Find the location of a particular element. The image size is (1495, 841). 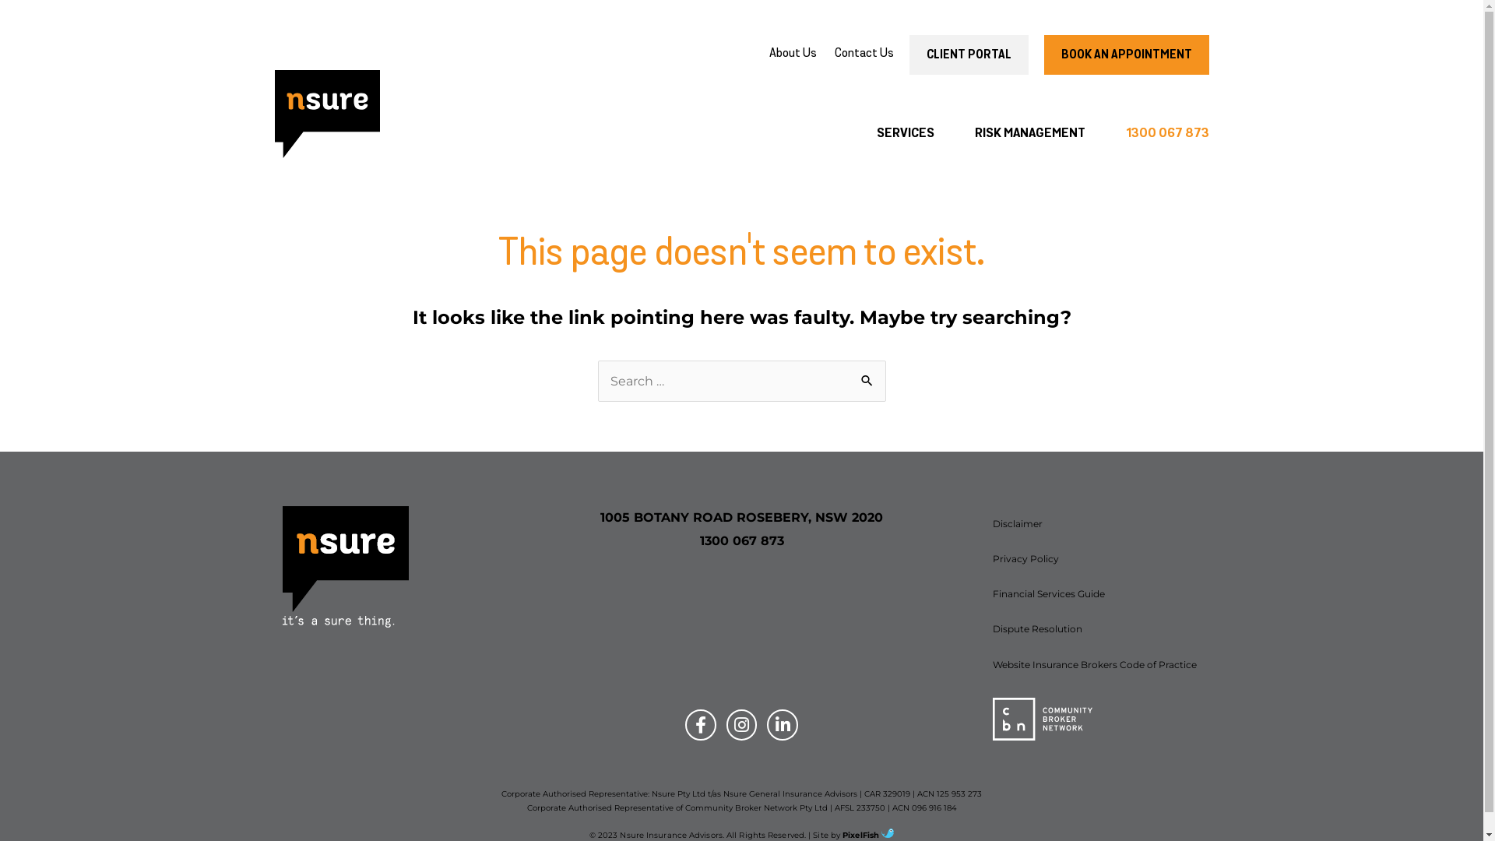

'RISK MANAGEMENT' is located at coordinates (1030, 133).